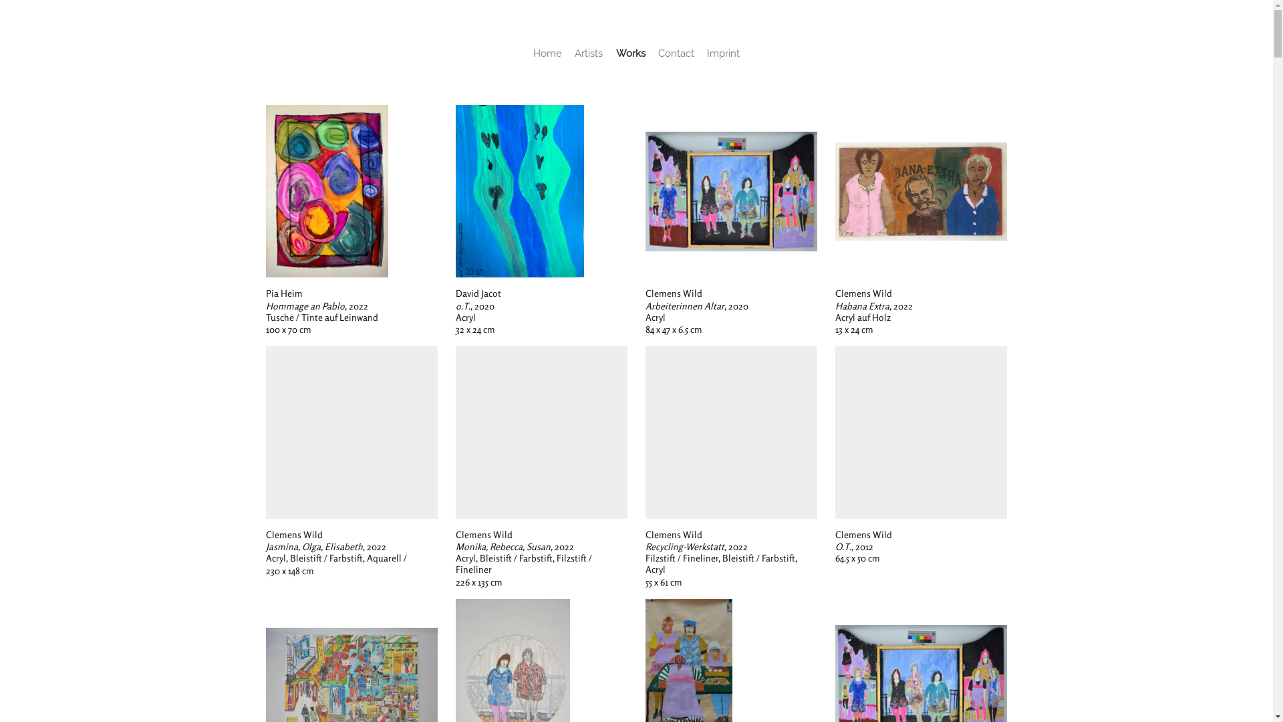 The height and width of the screenshot is (722, 1283). Describe the element at coordinates (547, 53) in the screenshot. I see `'Home'` at that location.